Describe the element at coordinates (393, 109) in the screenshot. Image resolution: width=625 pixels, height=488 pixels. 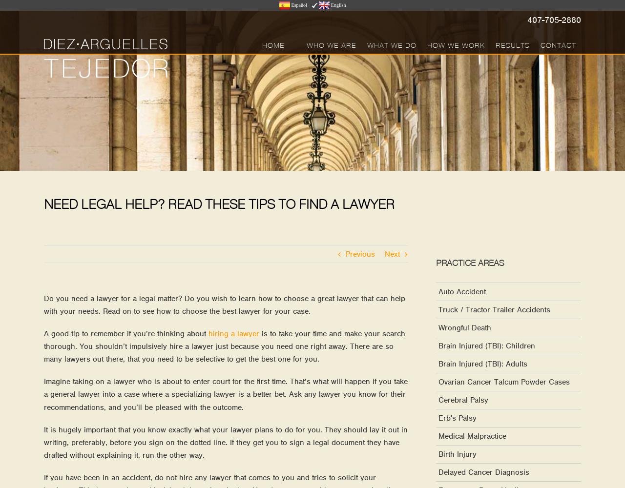
I see `'News'` at that location.